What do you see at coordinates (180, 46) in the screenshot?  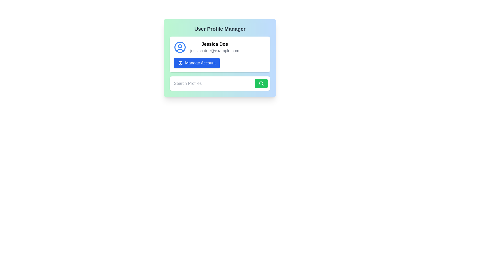 I see `the graphical vector component representing the user profile icon, located slightly above the center of the circular frame of the icon` at bounding box center [180, 46].